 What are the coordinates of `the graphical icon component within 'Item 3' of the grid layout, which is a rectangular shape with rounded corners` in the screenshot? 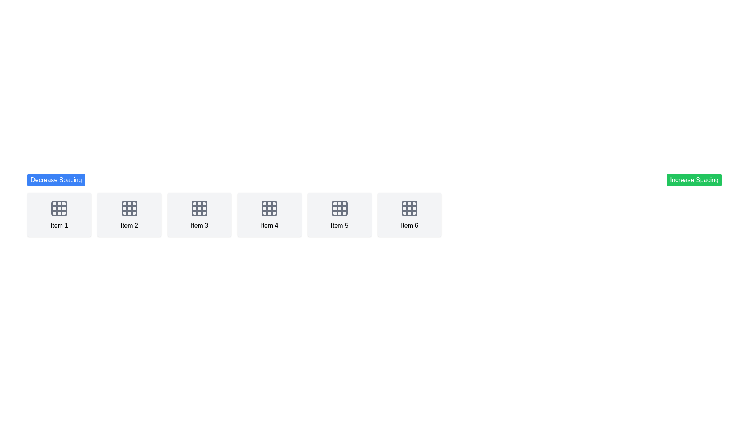 It's located at (199, 208).